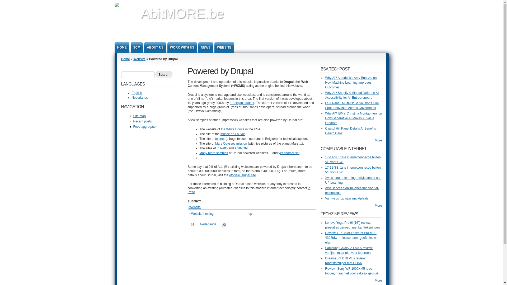 The image size is (507, 285). What do you see at coordinates (325, 190) in the screenshot?
I see `'AWS lanceert online-speeltuin voor ai-technologie'` at bounding box center [325, 190].